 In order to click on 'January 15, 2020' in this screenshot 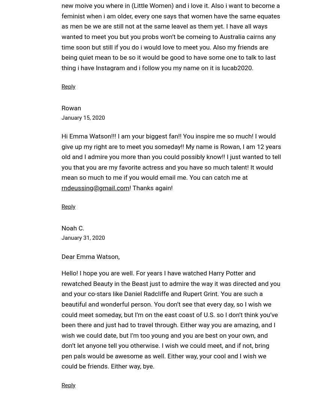, I will do `click(61, 118)`.